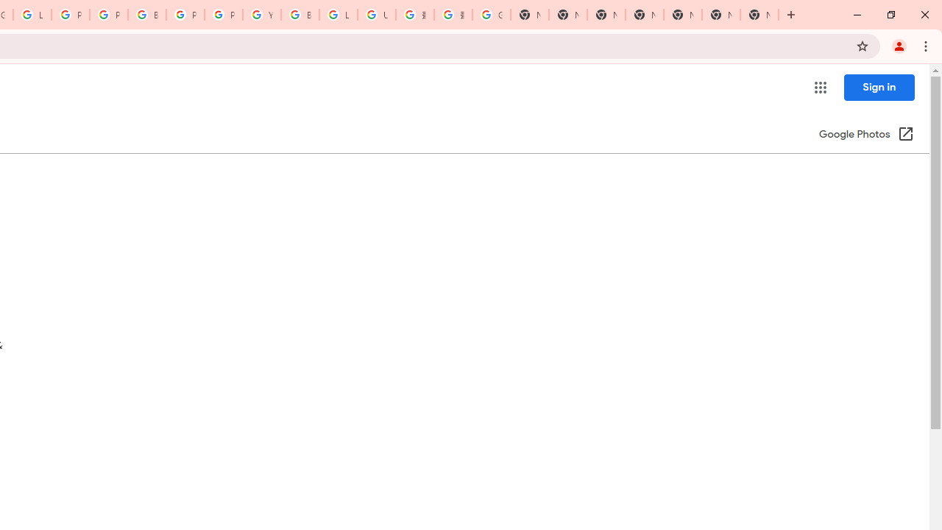  What do you see at coordinates (261, 15) in the screenshot?
I see `'YouTube'` at bounding box center [261, 15].